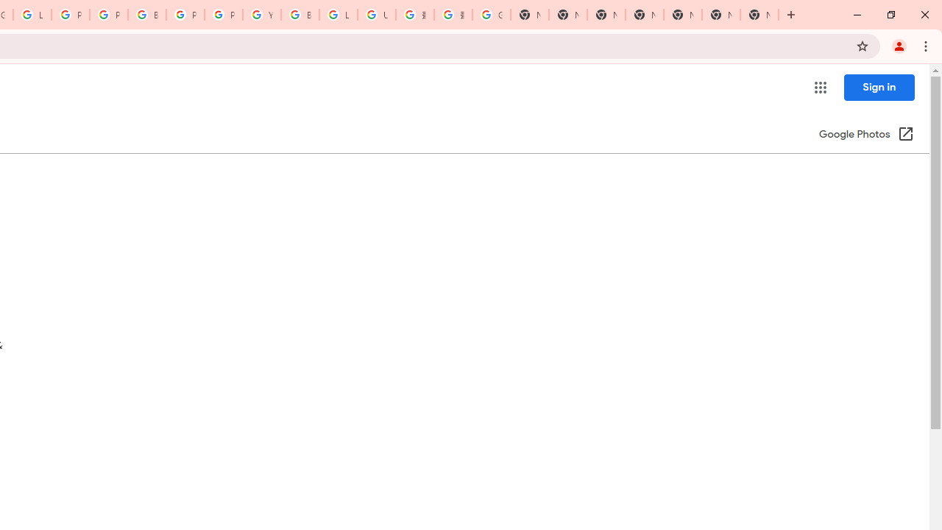  What do you see at coordinates (261, 15) in the screenshot?
I see `'YouTube'` at bounding box center [261, 15].